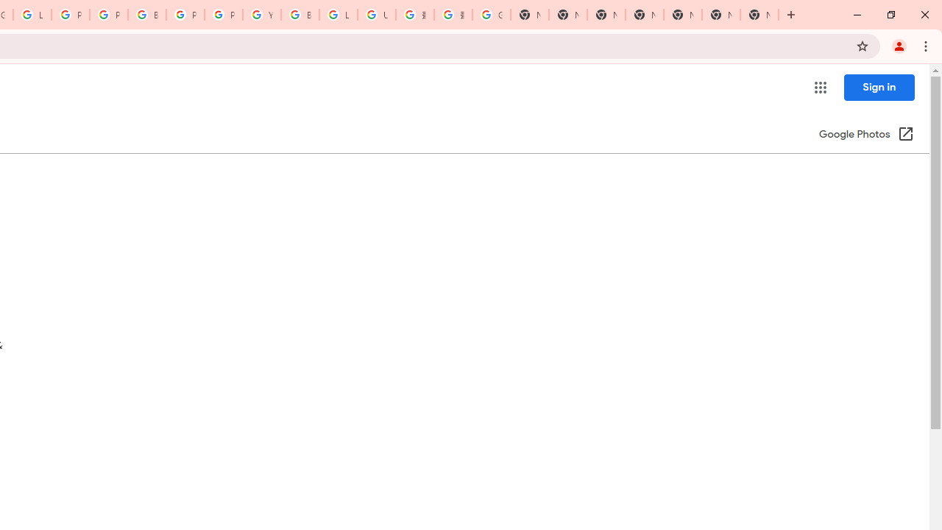  What do you see at coordinates (261, 15) in the screenshot?
I see `'YouTube'` at bounding box center [261, 15].